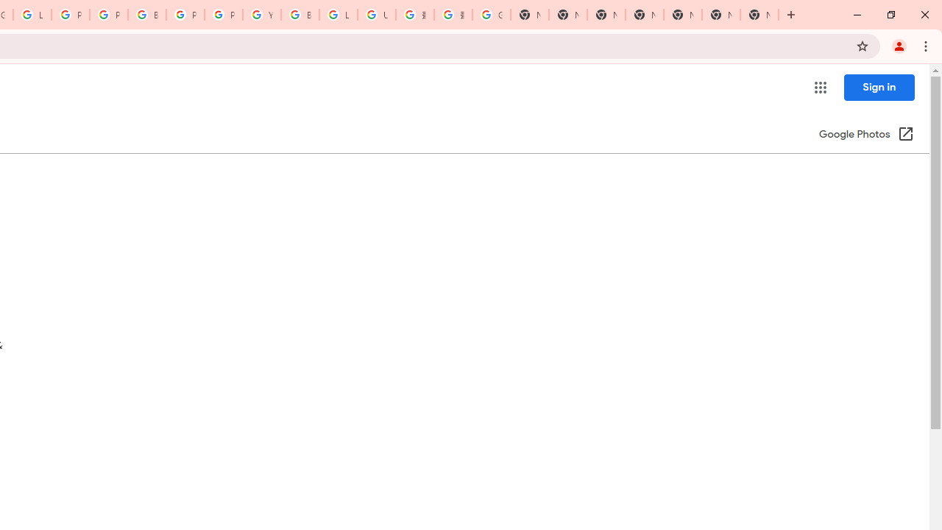  What do you see at coordinates (261, 15) in the screenshot?
I see `'YouTube'` at bounding box center [261, 15].